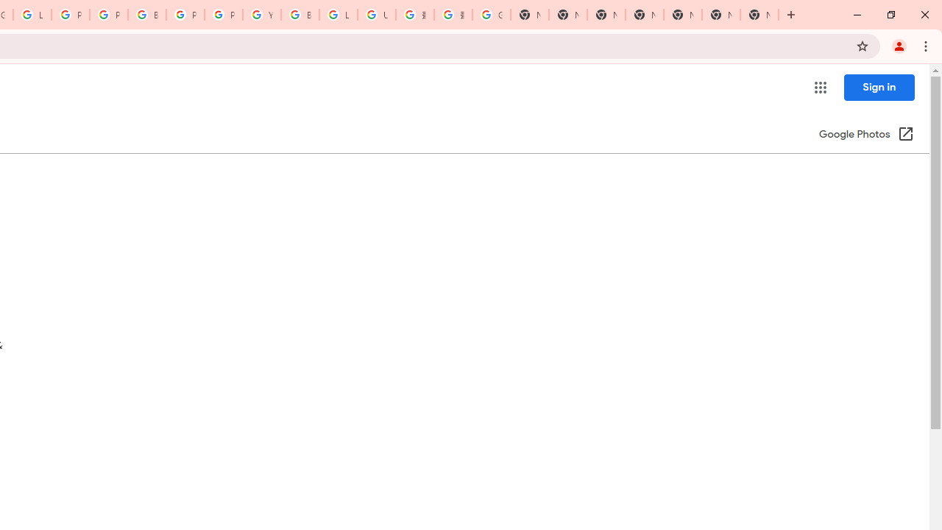  What do you see at coordinates (261, 15) in the screenshot?
I see `'YouTube'` at bounding box center [261, 15].